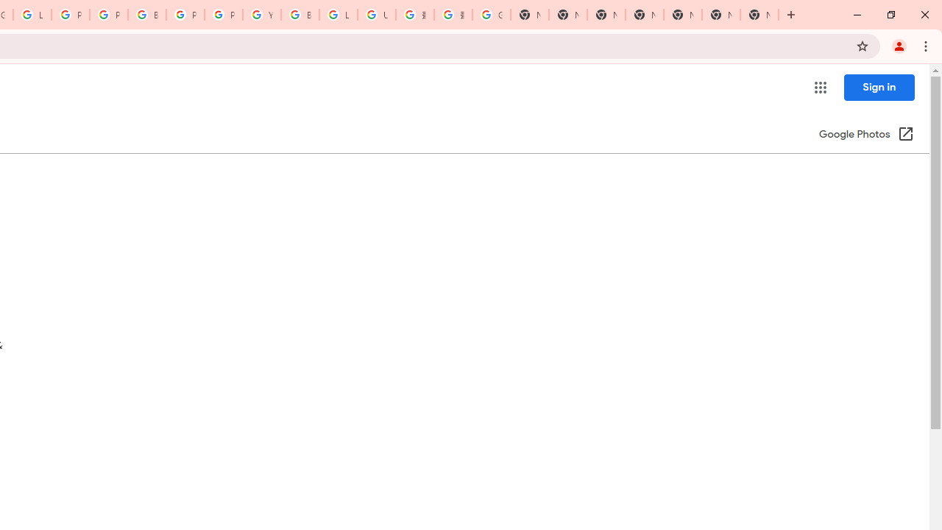  What do you see at coordinates (261, 15) in the screenshot?
I see `'YouTube'` at bounding box center [261, 15].